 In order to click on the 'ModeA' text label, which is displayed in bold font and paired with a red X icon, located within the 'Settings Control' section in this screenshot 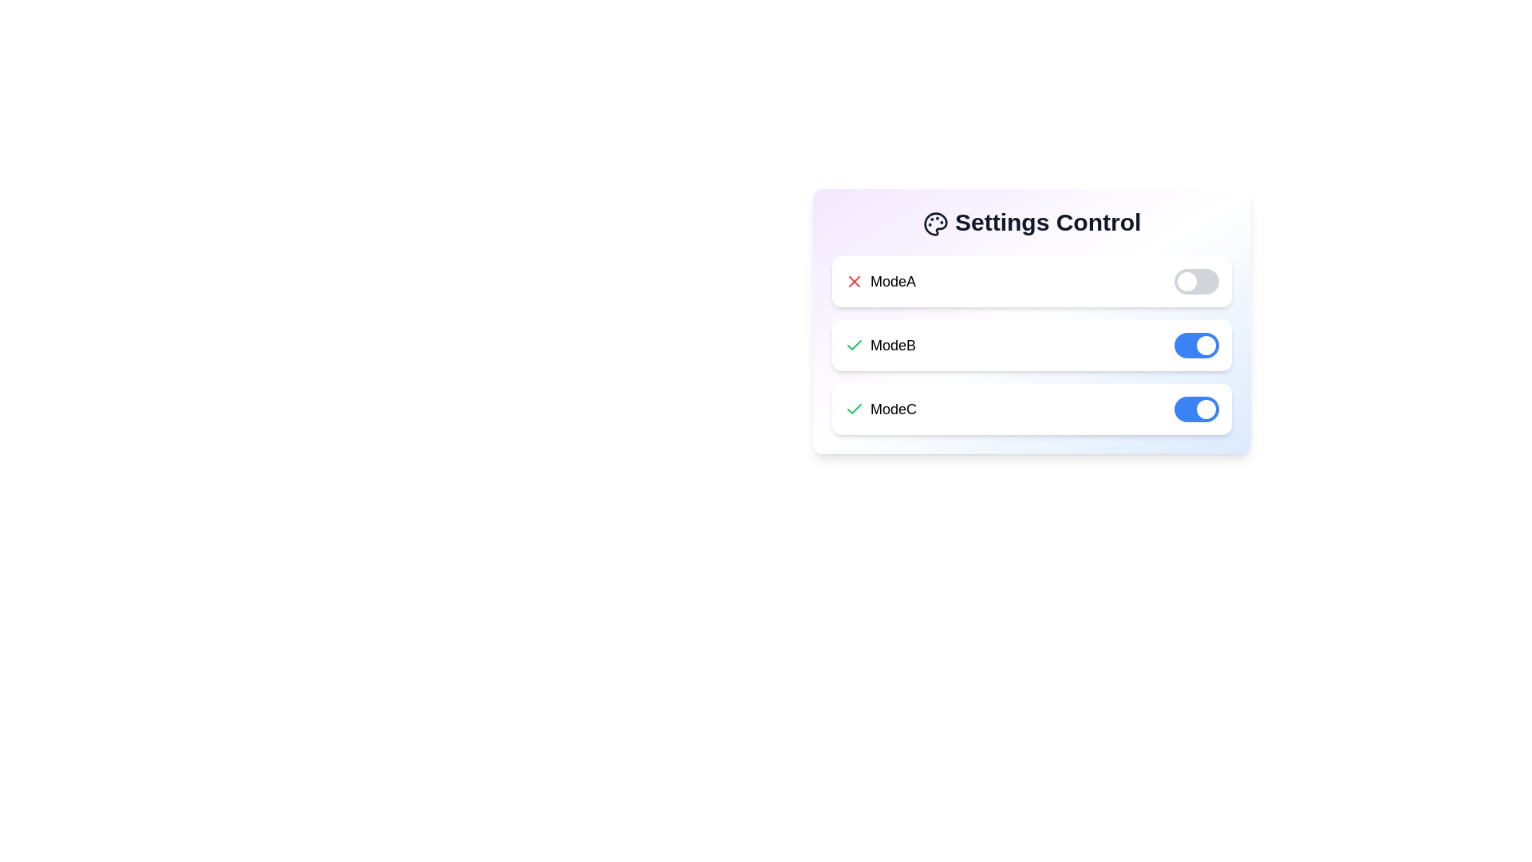, I will do `click(879, 281)`.